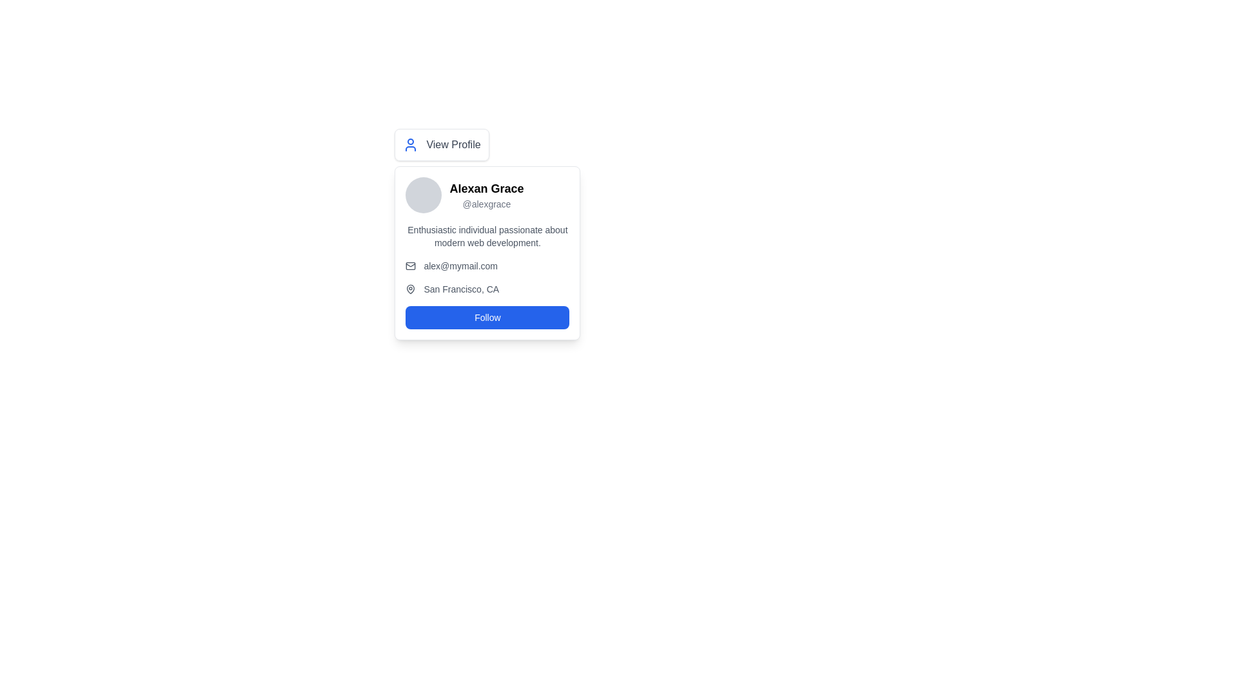 The width and height of the screenshot is (1238, 696). Describe the element at coordinates (442, 144) in the screenshot. I see `the clickable button with both icon and text at the top of the modal` at that location.